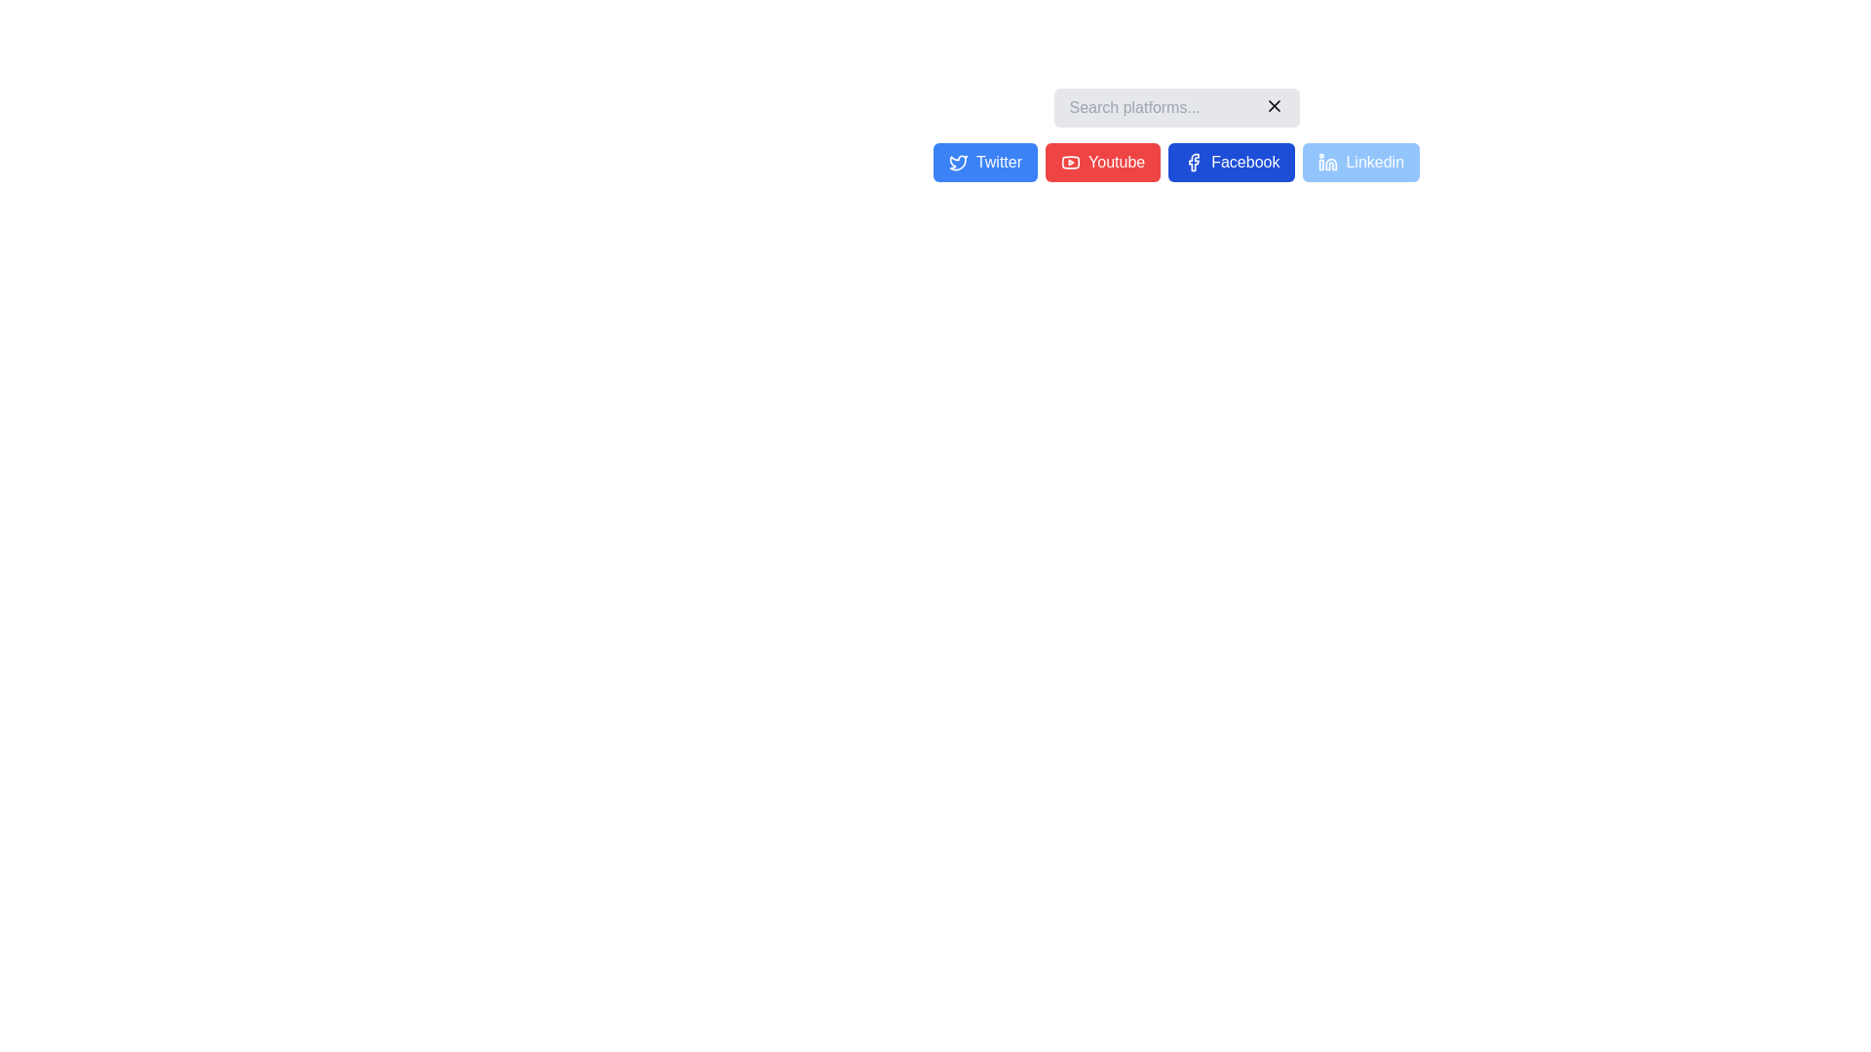 This screenshot has width=1871, height=1052. Describe the element at coordinates (1103, 161) in the screenshot. I see `the bright red 'Youtube' button with rounded corners that contains white text and is located between the blue 'Twitter' button and the darker blue 'Facebook' button` at that location.